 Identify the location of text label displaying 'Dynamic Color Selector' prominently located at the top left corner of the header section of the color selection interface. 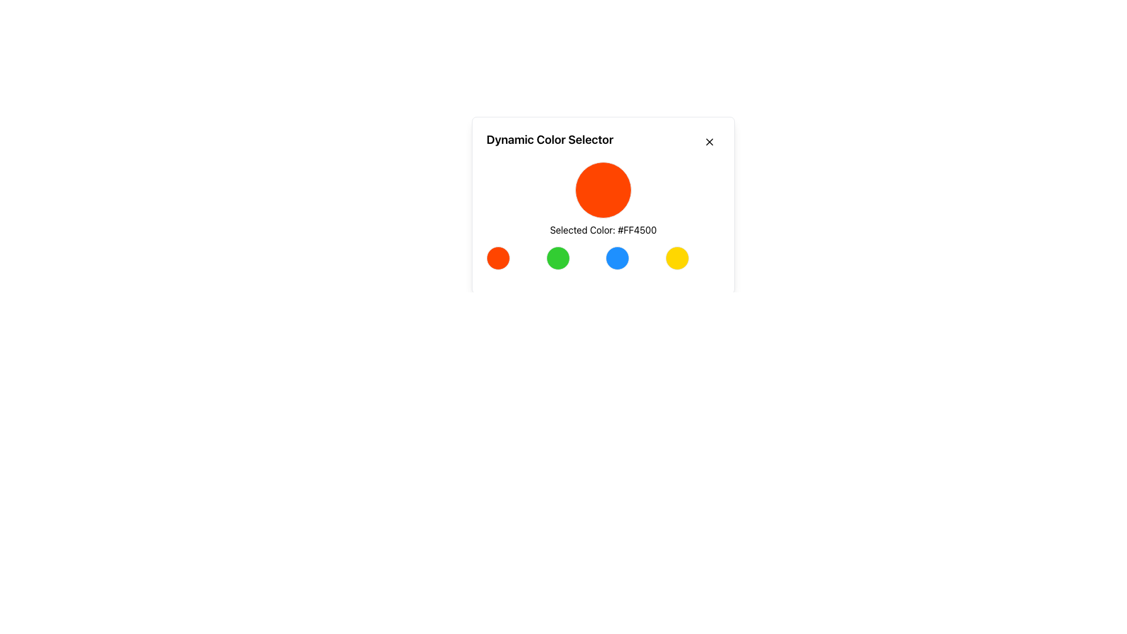
(549, 141).